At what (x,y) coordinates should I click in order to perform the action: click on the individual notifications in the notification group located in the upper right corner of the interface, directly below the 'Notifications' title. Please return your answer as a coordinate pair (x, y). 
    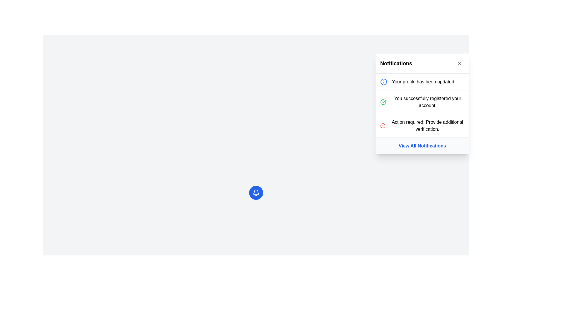
    Looking at the image, I should click on (422, 106).